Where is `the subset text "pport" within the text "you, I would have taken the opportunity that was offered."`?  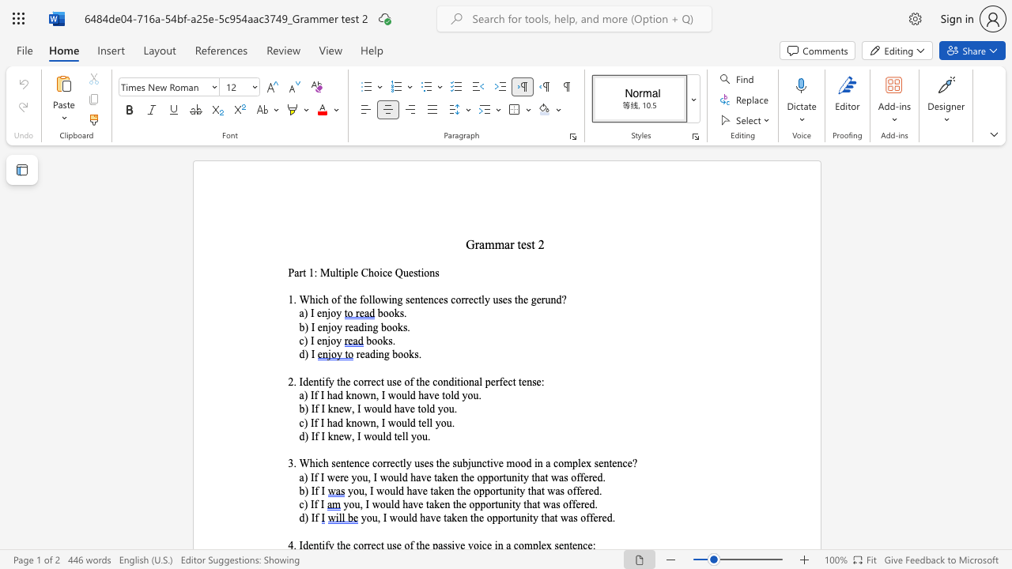
the subset text "pport" within the text "you, I would have taken the opportunity that was offered." is located at coordinates (474, 504).